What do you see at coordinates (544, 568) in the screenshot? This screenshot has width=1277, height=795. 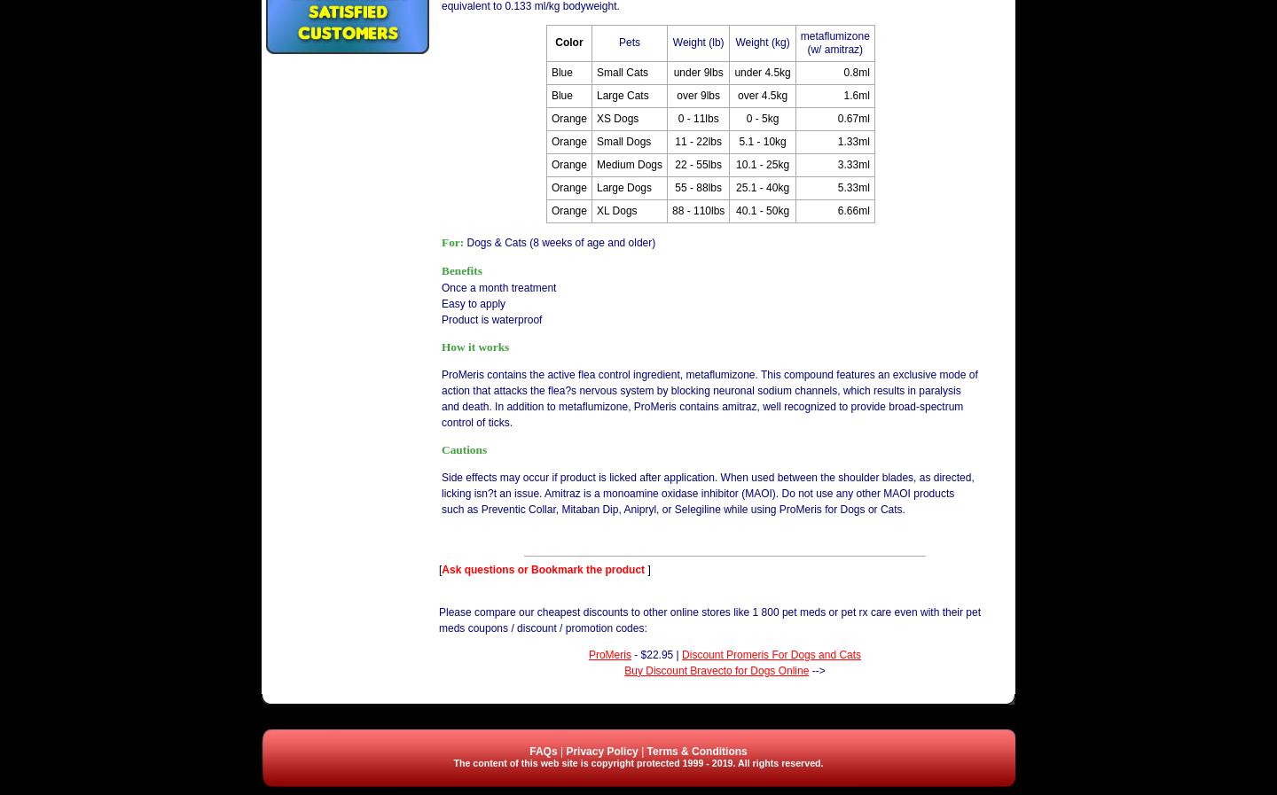 I see `'Ask questions or Bookmark the product'` at bounding box center [544, 568].